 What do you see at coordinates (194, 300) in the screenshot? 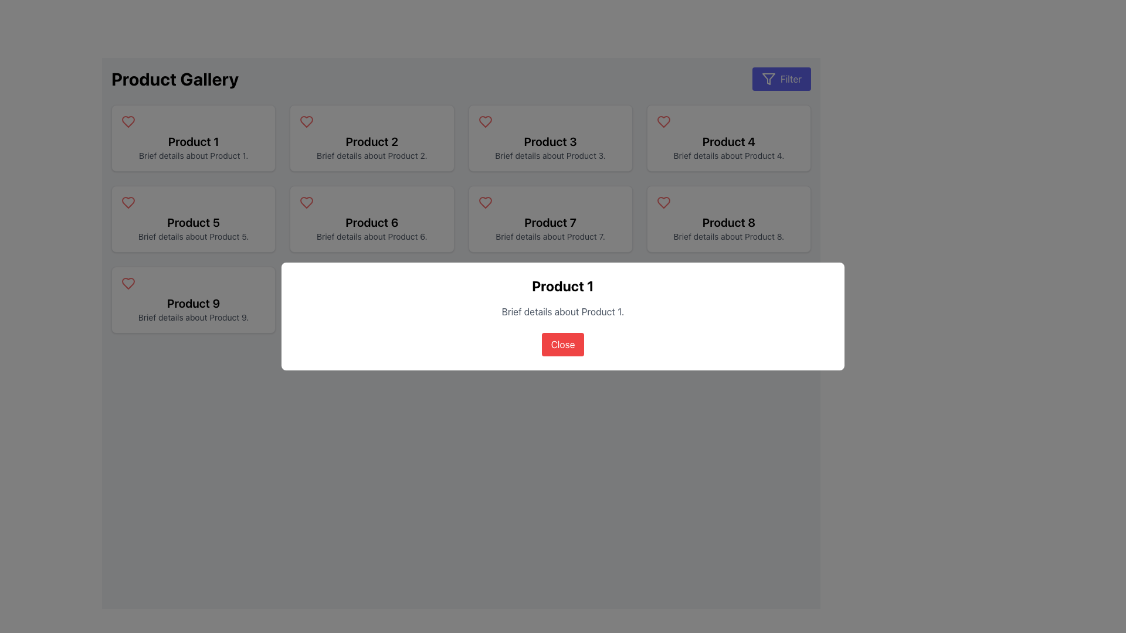
I see `the product card located in the third row and first column of the grid layout, which displays its name, a brief description, and a favorite icon` at bounding box center [194, 300].